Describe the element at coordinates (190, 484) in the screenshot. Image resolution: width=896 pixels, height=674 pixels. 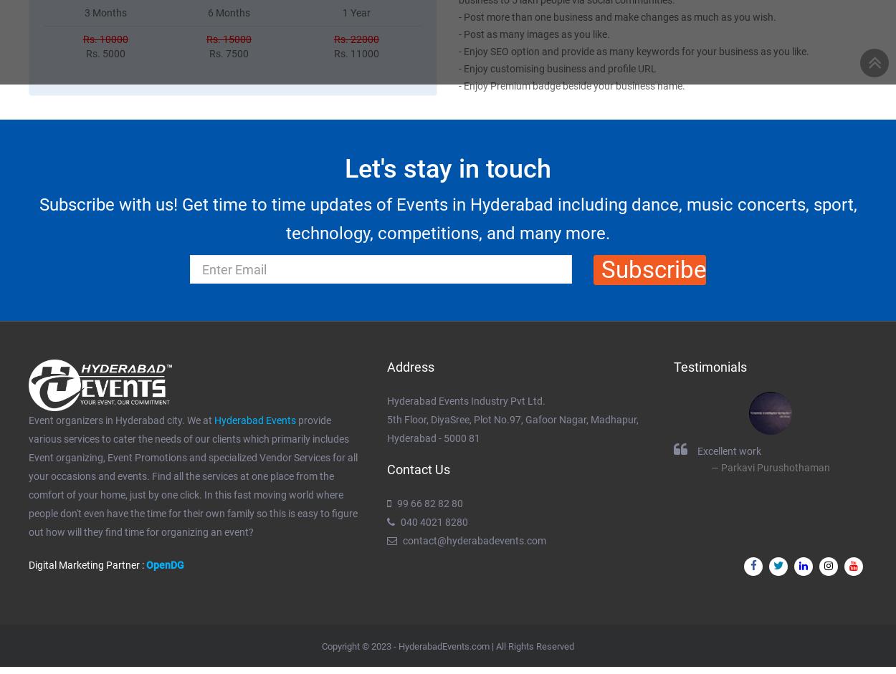
I see `'I recommend this firm because they provide best service for all and they are professional at their work , they focus on their job and as well as to meet the customer satisfaction'` at that location.